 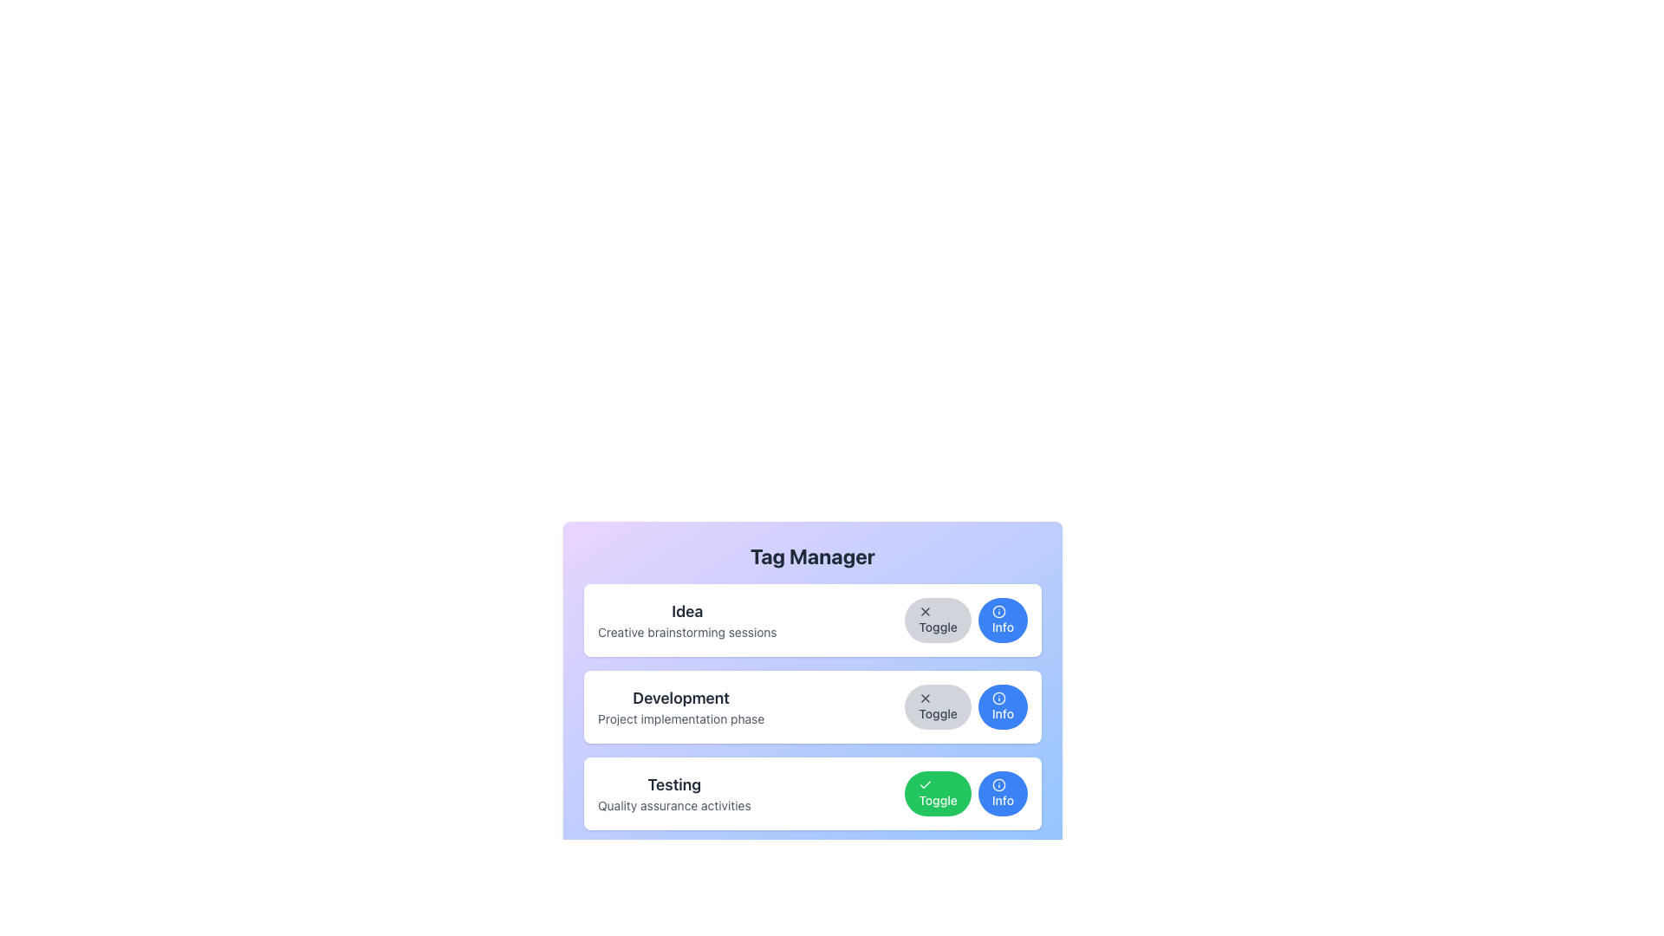 I want to click on the close icon with an 'X' shape located within the 'Development' card section, so click(x=925, y=698).